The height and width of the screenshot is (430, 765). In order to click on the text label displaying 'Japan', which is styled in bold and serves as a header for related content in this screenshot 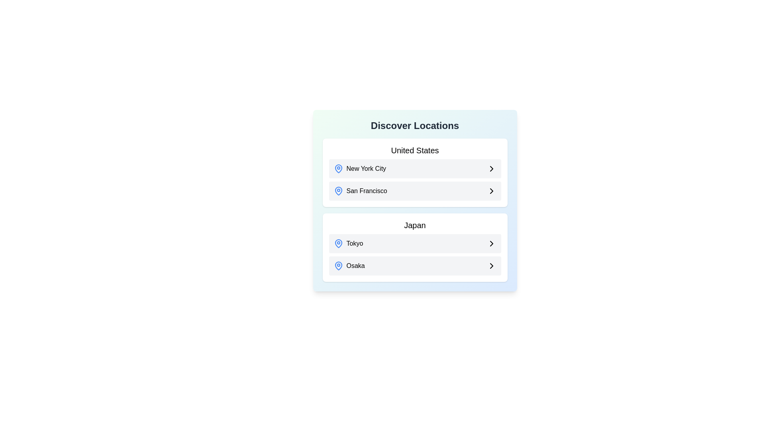, I will do `click(414, 225)`.